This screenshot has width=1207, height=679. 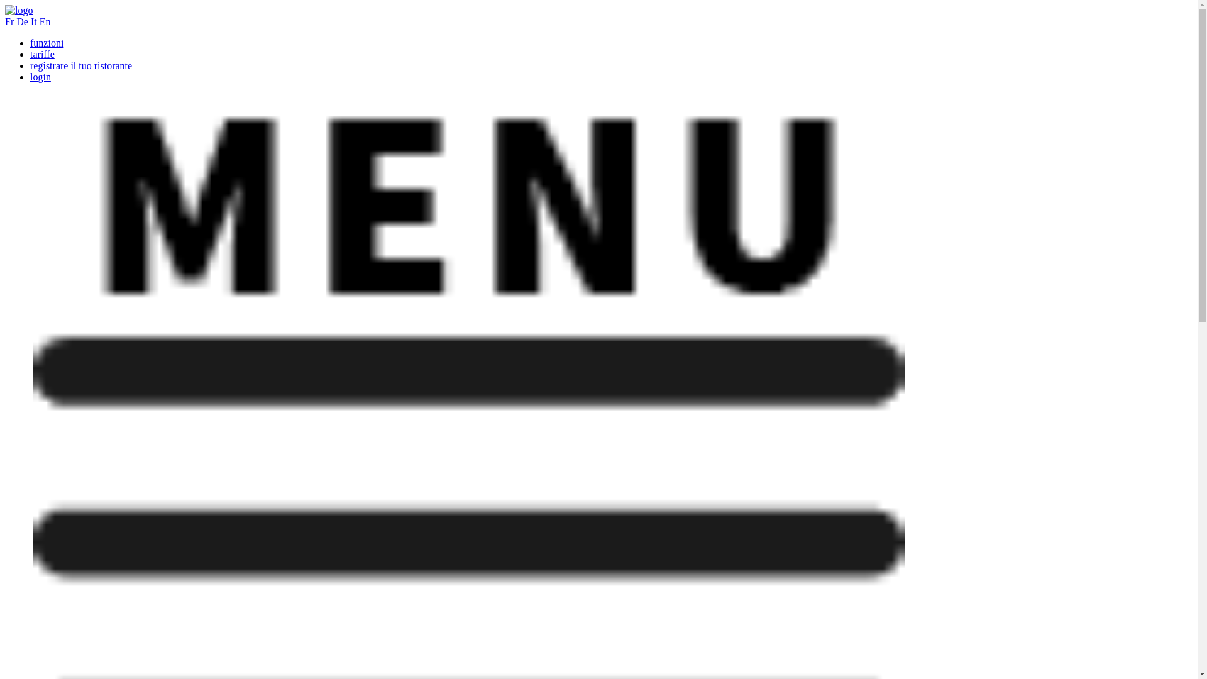 What do you see at coordinates (80, 65) in the screenshot?
I see `'registrare il tuo ristorante'` at bounding box center [80, 65].